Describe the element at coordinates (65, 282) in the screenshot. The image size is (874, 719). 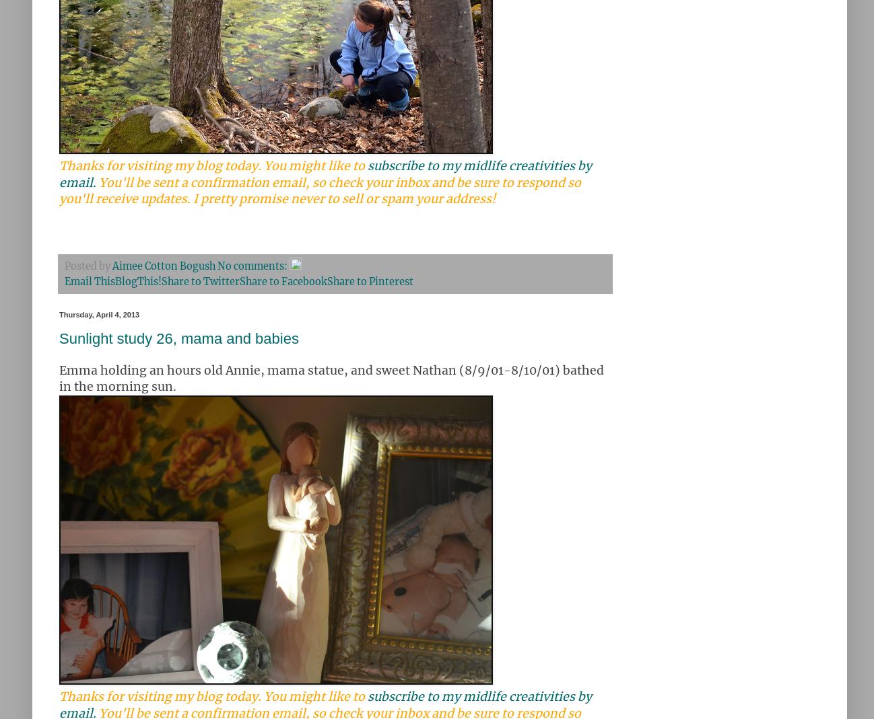
I see `'Email This'` at that location.